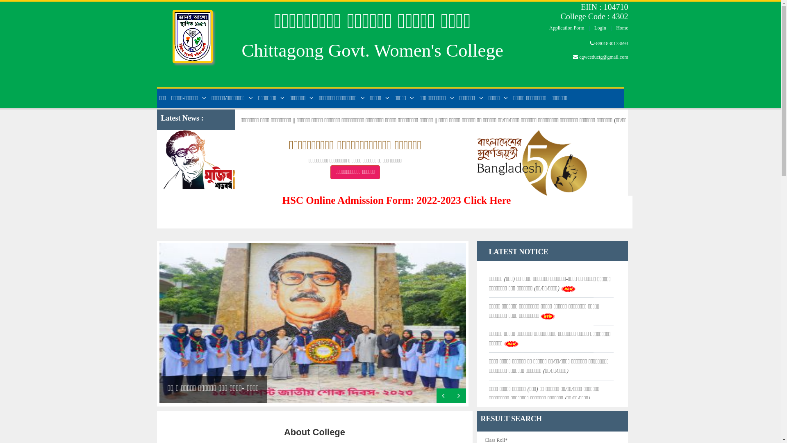  Describe the element at coordinates (397, 200) in the screenshot. I see `'HSC Online Admission Form: 2022-2023 Click Here'` at that location.